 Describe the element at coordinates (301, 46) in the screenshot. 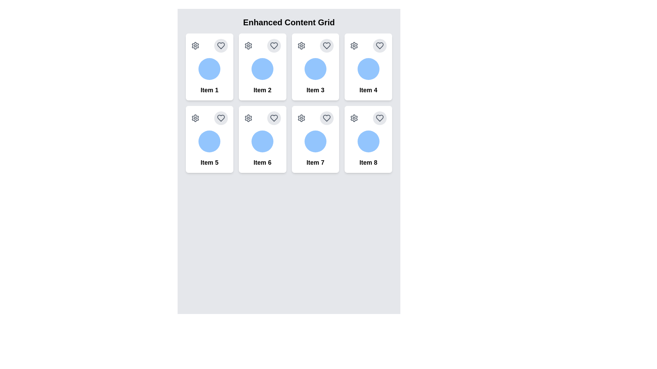

I see `the settings icon located at the top-right corner of 'Item 3' card` at that location.